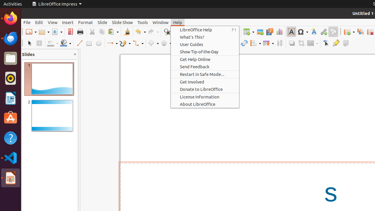 Image resolution: width=375 pixels, height=211 pixels. What do you see at coordinates (143, 22) in the screenshot?
I see `'Tools'` at bounding box center [143, 22].